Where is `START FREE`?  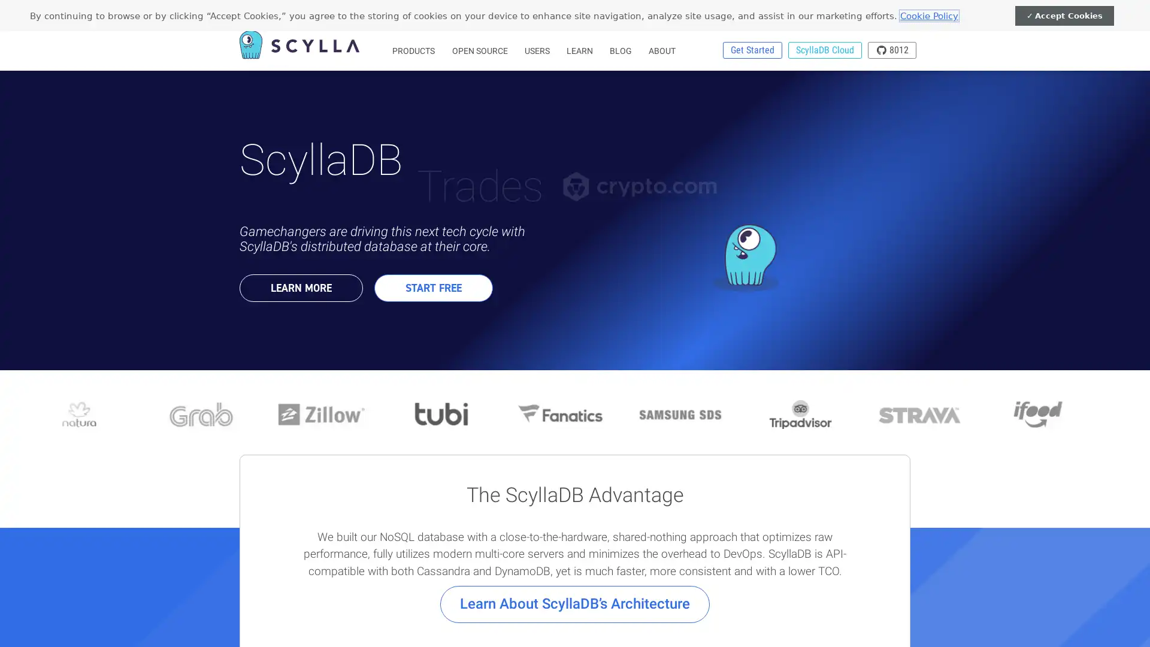
START FREE is located at coordinates (433, 288).